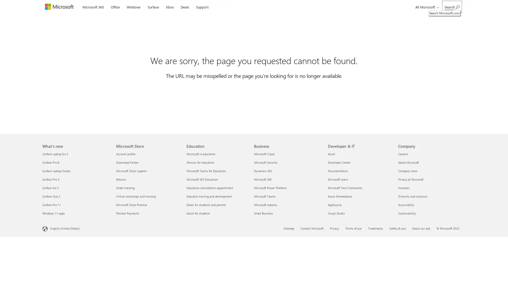  I want to click on Search Microsoft.com, so click(452, 7).